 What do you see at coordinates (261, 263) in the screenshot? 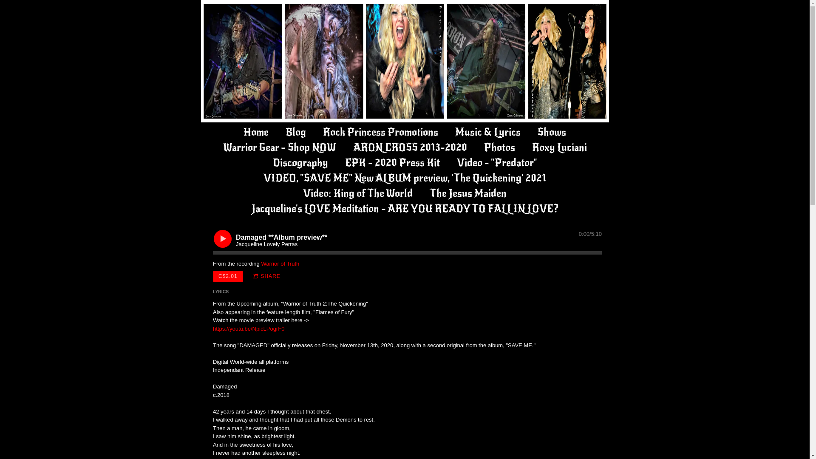
I see `'Warrior of Truth'` at bounding box center [261, 263].